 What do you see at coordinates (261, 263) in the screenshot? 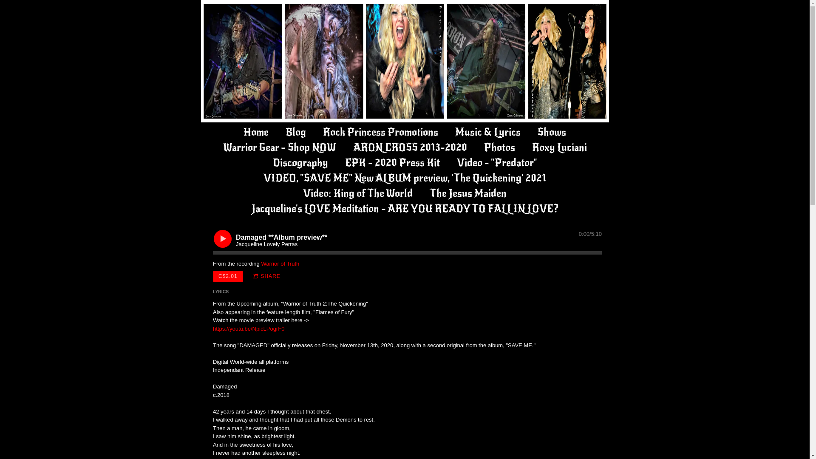
I see `'Warrior of Truth'` at bounding box center [261, 263].